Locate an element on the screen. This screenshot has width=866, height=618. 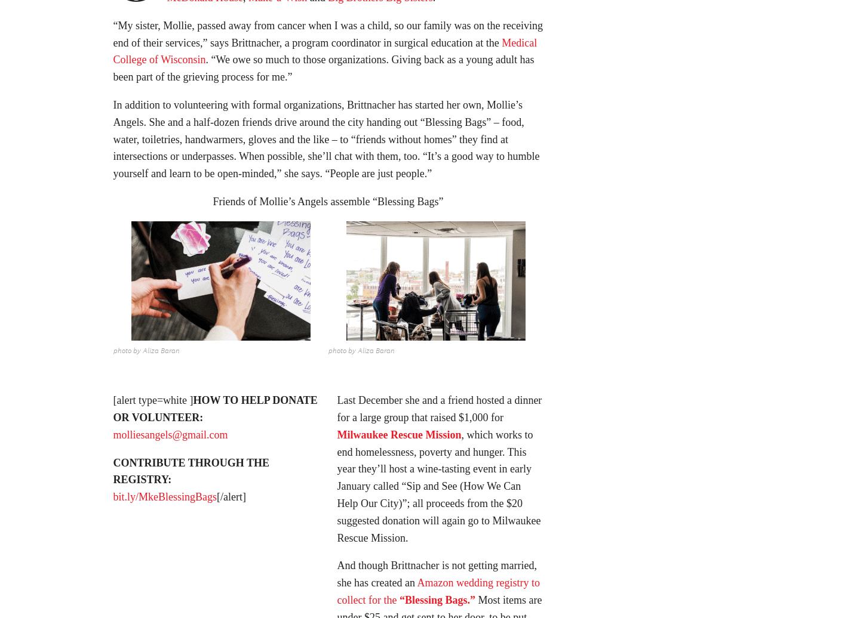
', which works to end homelessness, poverty and hunger. This year they’ll host a wine-tasting event in early January called “Sip and See (How We Can Help Our City)”; all proceeds from the $20 suggested donation will again go to Milwaukee Rescue Mission.' is located at coordinates (438, 490).